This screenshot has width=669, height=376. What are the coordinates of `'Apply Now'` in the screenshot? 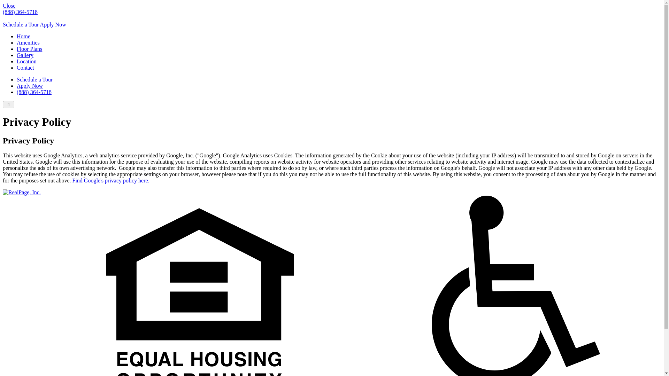 It's located at (29, 85).